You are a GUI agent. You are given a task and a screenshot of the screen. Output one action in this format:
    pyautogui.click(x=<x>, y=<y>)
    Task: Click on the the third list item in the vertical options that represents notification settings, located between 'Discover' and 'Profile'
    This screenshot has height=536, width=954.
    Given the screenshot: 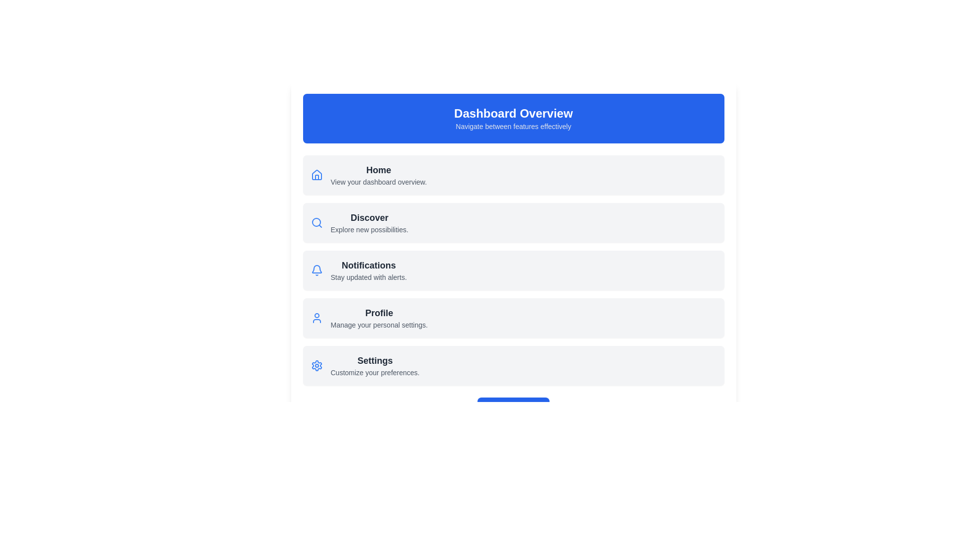 What is the action you would take?
    pyautogui.click(x=513, y=270)
    